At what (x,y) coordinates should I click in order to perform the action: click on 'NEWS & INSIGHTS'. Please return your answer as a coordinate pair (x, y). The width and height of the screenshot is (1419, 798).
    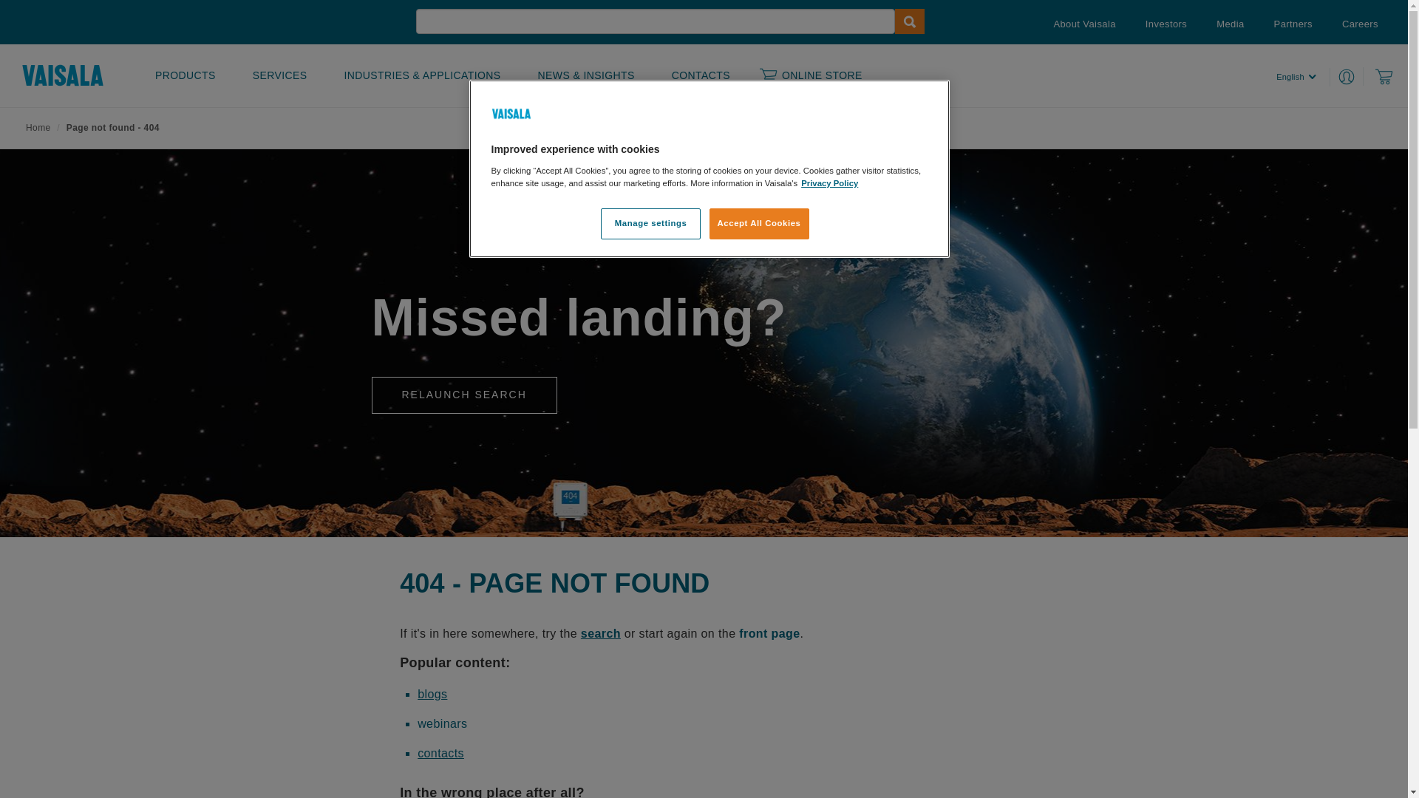
    Looking at the image, I should click on (585, 75).